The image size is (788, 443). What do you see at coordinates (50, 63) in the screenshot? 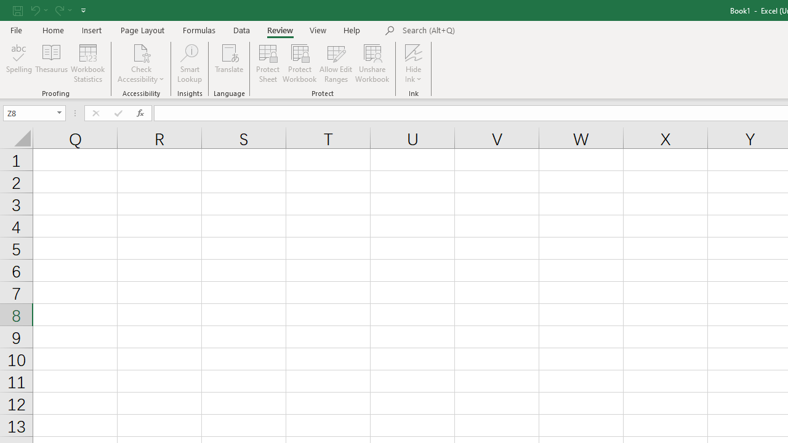
I see `'Thesaurus...'` at bounding box center [50, 63].